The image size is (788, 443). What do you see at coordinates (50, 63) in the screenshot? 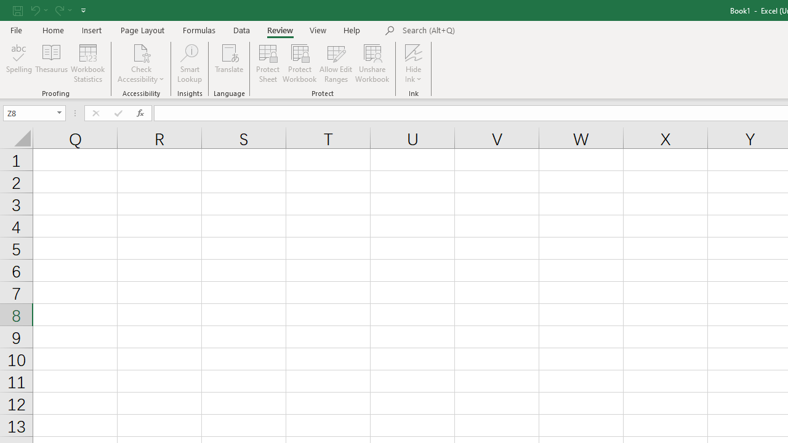
I see `'Thesaurus...'` at bounding box center [50, 63].